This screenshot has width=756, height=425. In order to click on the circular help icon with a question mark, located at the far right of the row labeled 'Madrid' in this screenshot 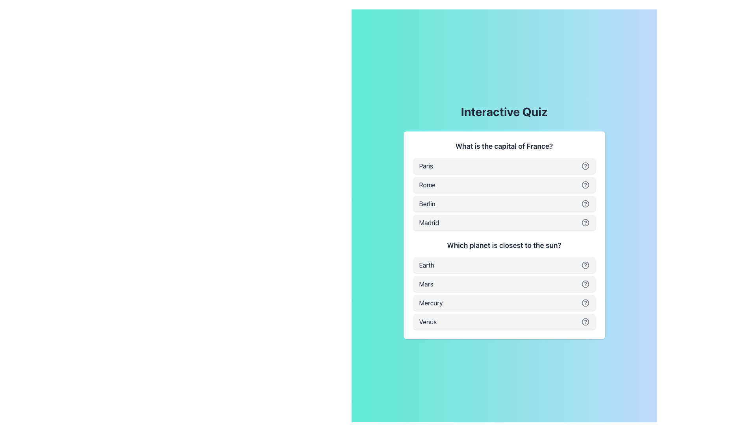, I will do `click(585, 223)`.